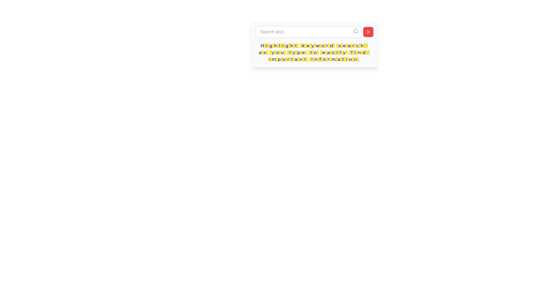  What do you see at coordinates (367, 45) in the screenshot?
I see `the 26th text highlight in the sentence 'Highlight keyword search as you type to easily find important information.'` at bounding box center [367, 45].